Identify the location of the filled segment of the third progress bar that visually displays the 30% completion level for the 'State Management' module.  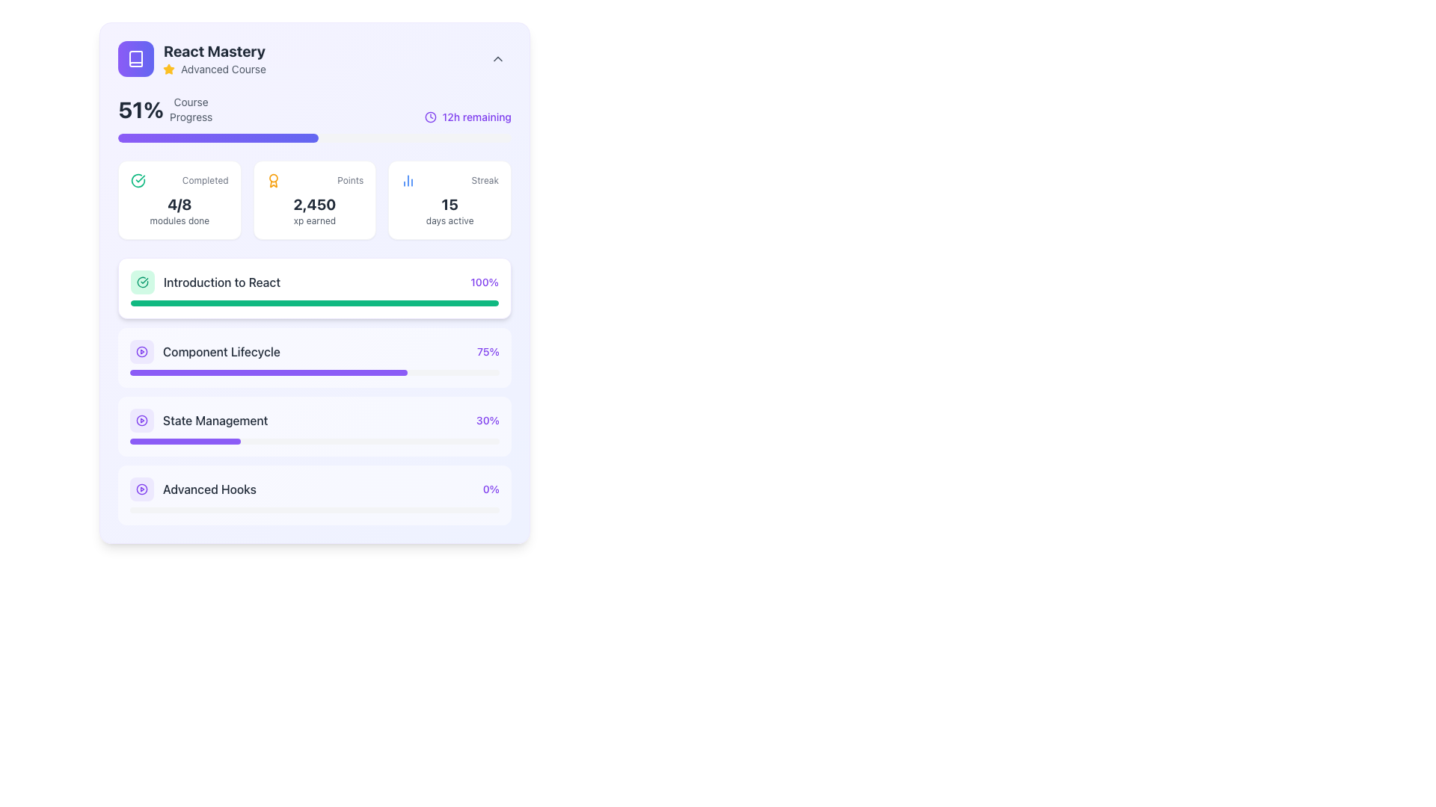
(185, 440).